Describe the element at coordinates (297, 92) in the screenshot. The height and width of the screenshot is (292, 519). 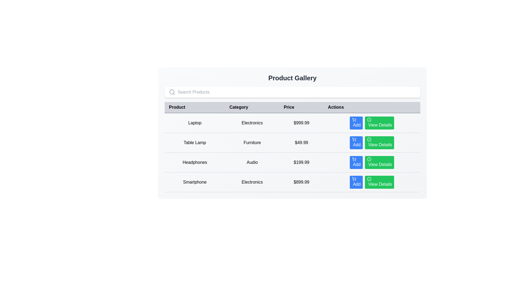
I see `the search input field, which is centrally aligned within a white background card above a table, to observe possible styling changes` at that location.